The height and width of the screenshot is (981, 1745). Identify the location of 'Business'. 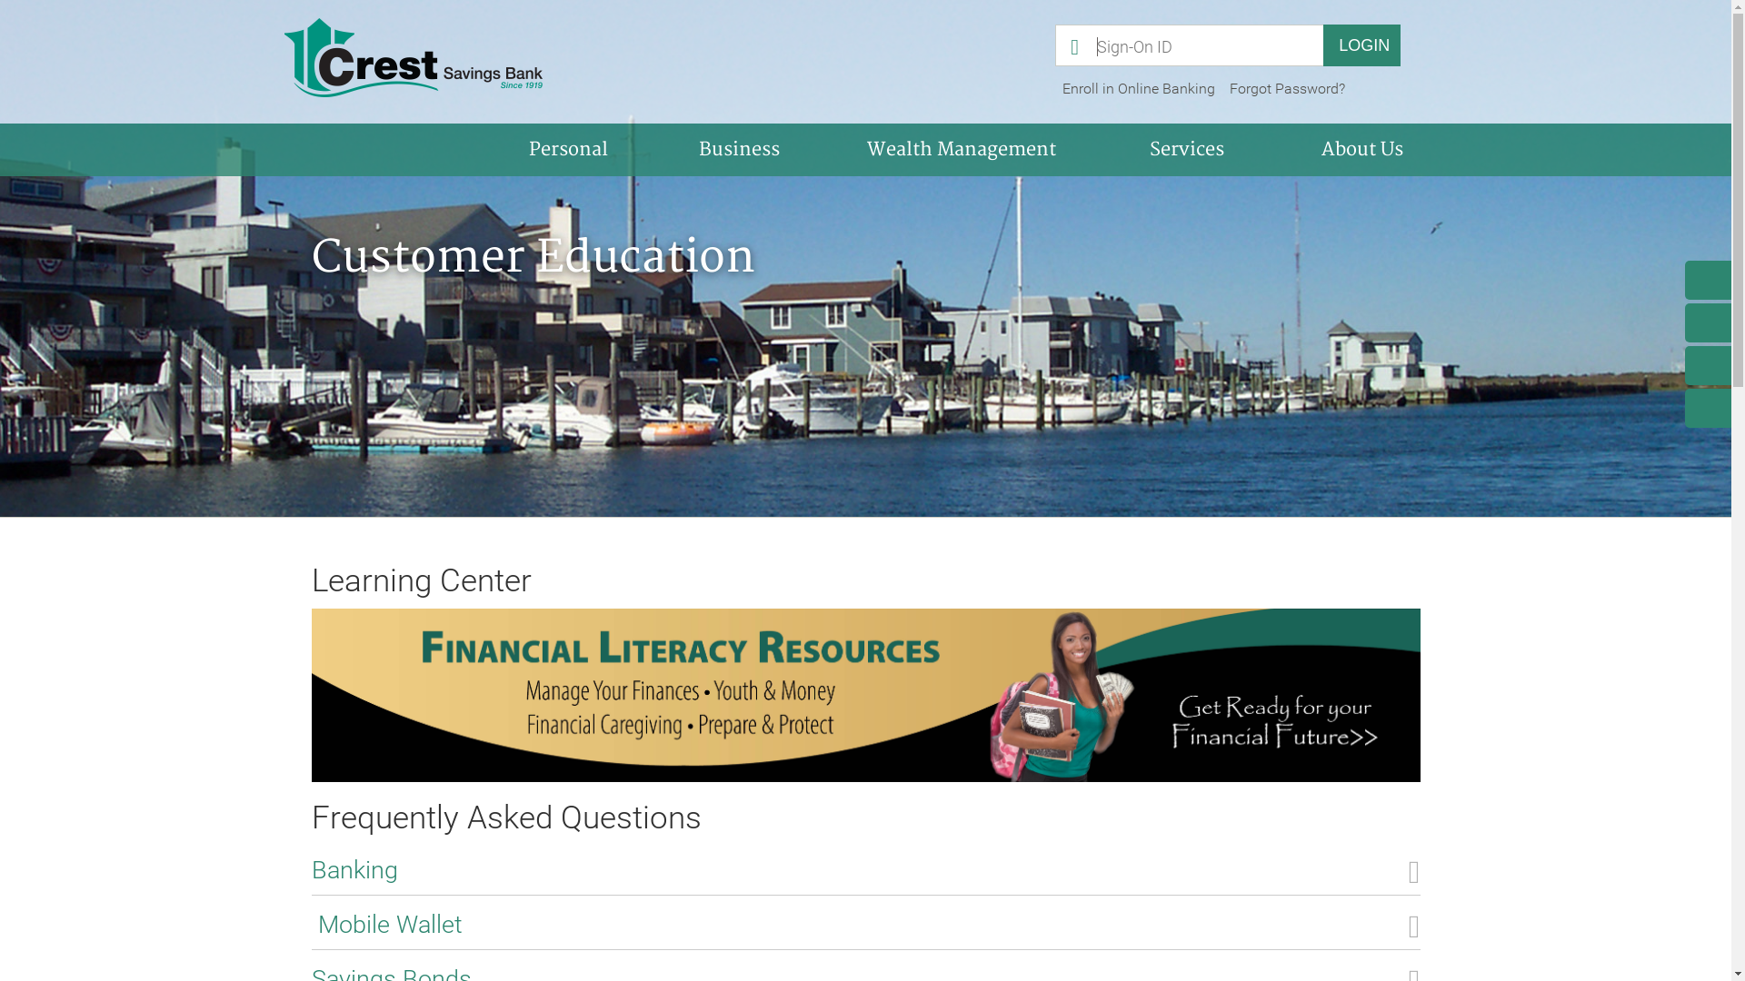
(654, 149).